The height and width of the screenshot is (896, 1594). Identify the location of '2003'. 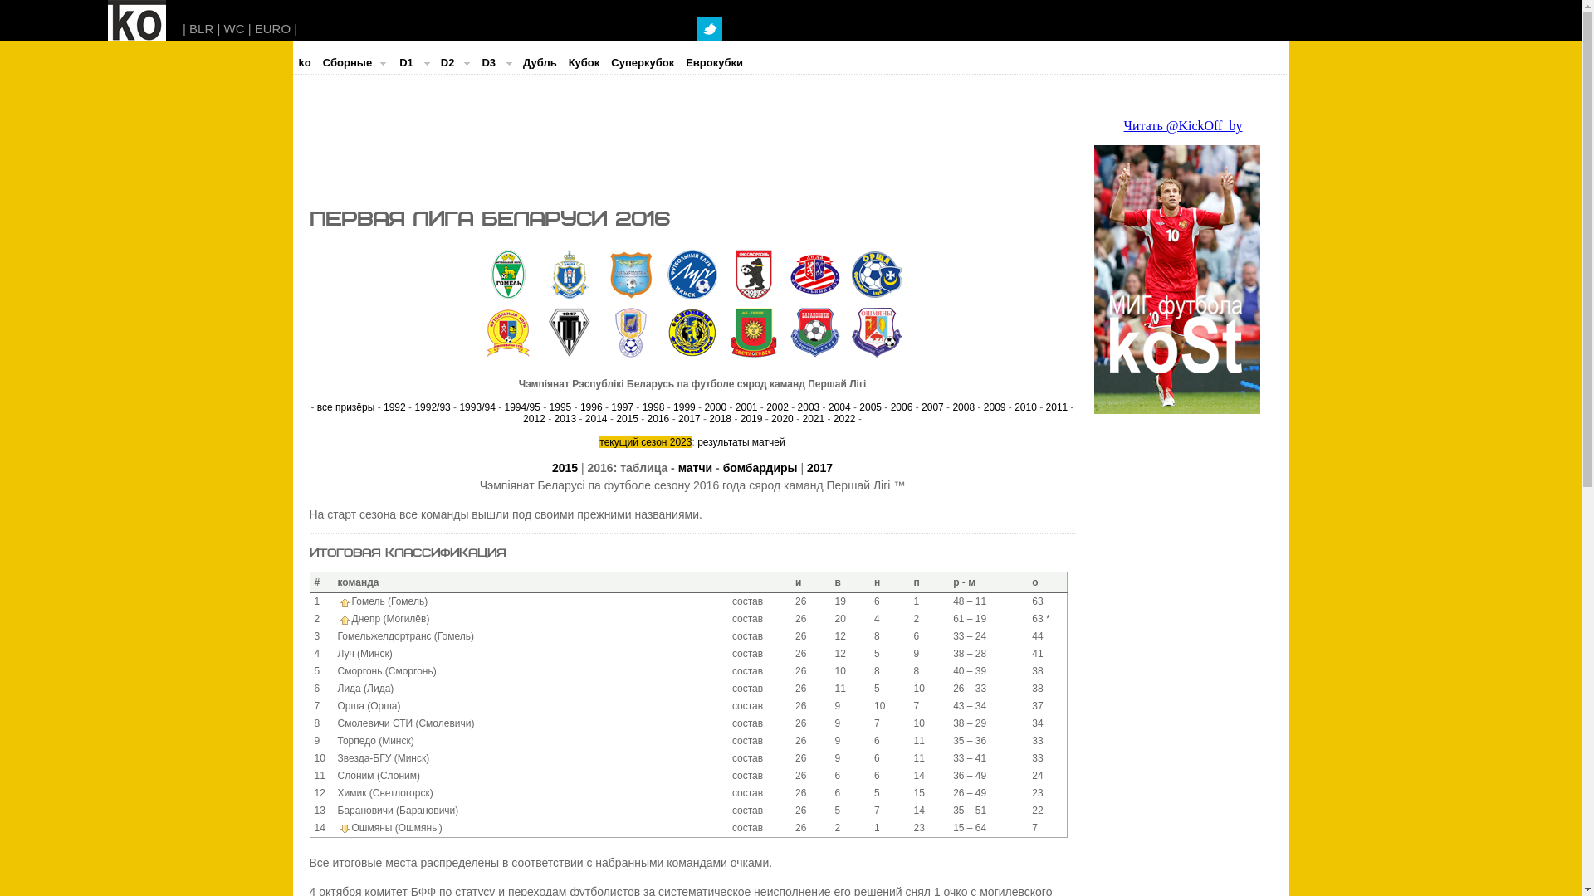
(809, 407).